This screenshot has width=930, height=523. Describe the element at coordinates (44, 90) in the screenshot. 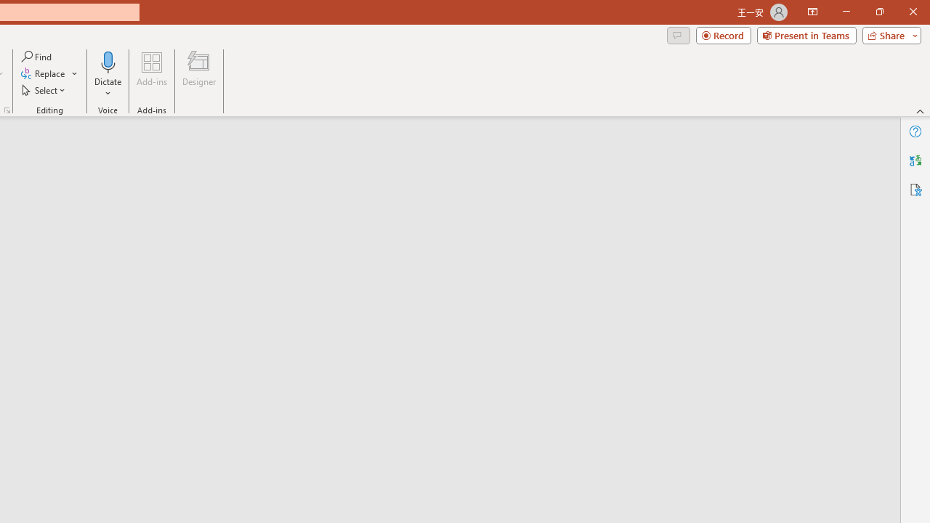

I see `'Select'` at that location.